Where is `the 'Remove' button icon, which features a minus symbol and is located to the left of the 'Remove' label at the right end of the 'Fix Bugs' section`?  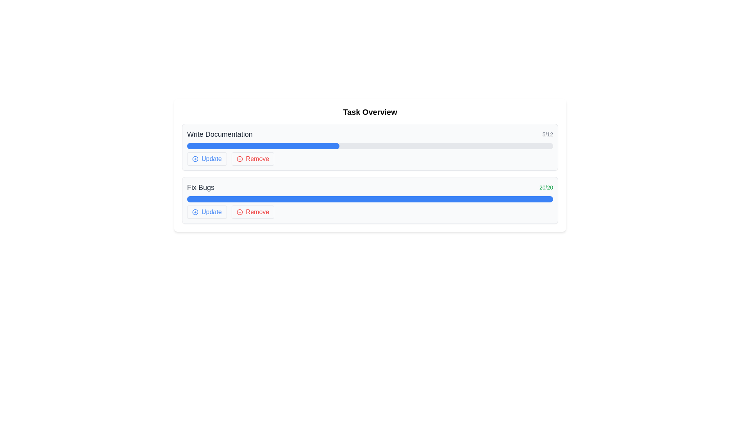 the 'Remove' button icon, which features a minus symbol and is located to the left of the 'Remove' label at the right end of the 'Fix Bugs' section is located at coordinates (239, 212).